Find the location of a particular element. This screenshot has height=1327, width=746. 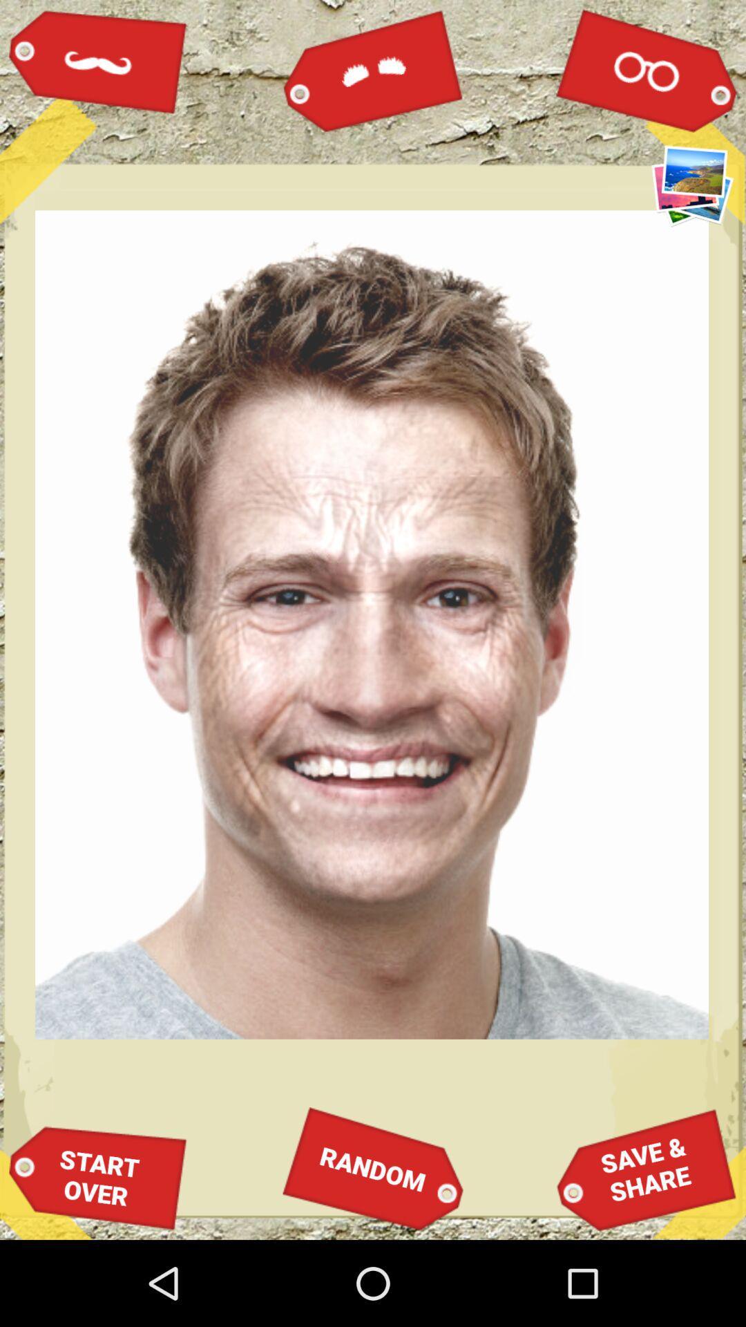

save & is located at coordinates (647, 1168).